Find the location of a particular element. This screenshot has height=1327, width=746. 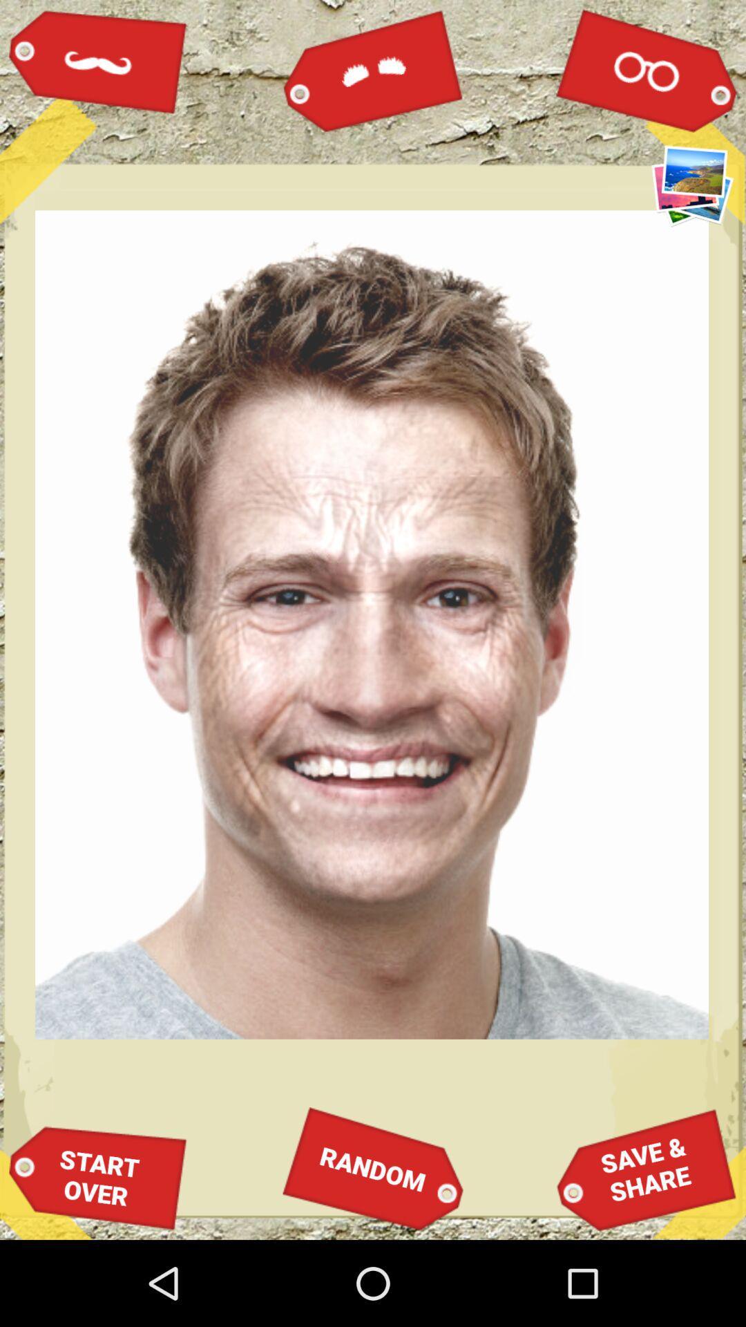

save & is located at coordinates (647, 1168).